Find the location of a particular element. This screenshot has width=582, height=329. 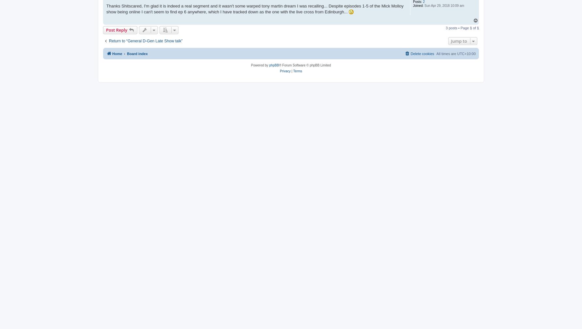

'|' is located at coordinates (291, 70).